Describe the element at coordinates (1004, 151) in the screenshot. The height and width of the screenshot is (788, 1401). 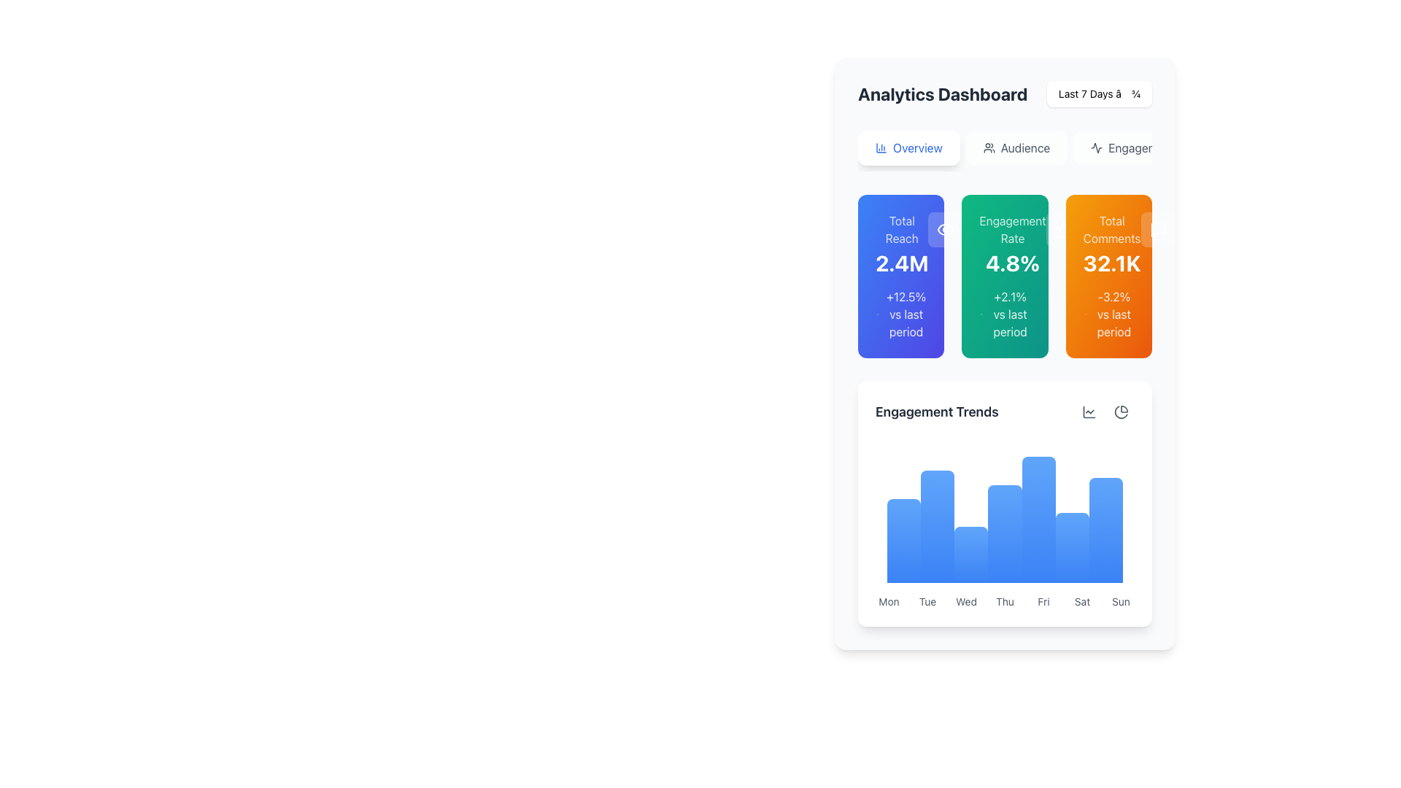
I see `the 'Audience' tab-style button, which is the second button in a row of navigational buttons labeled 'Overview', 'Audience', 'Engagement', and 'Sharing'` at that location.